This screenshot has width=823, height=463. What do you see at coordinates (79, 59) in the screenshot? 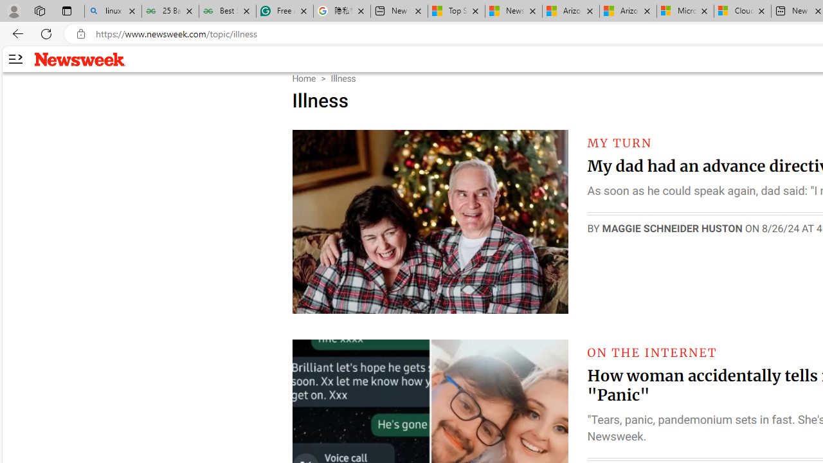
I see `'Newsweek logo'` at bounding box center [79, 59].